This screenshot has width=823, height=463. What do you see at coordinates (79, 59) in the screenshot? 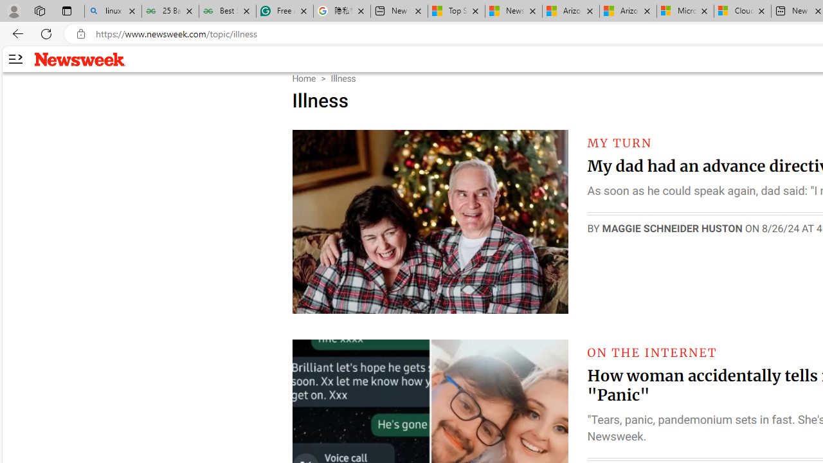
I see `'Newsweek logo'` at bounding box center [79, 59].